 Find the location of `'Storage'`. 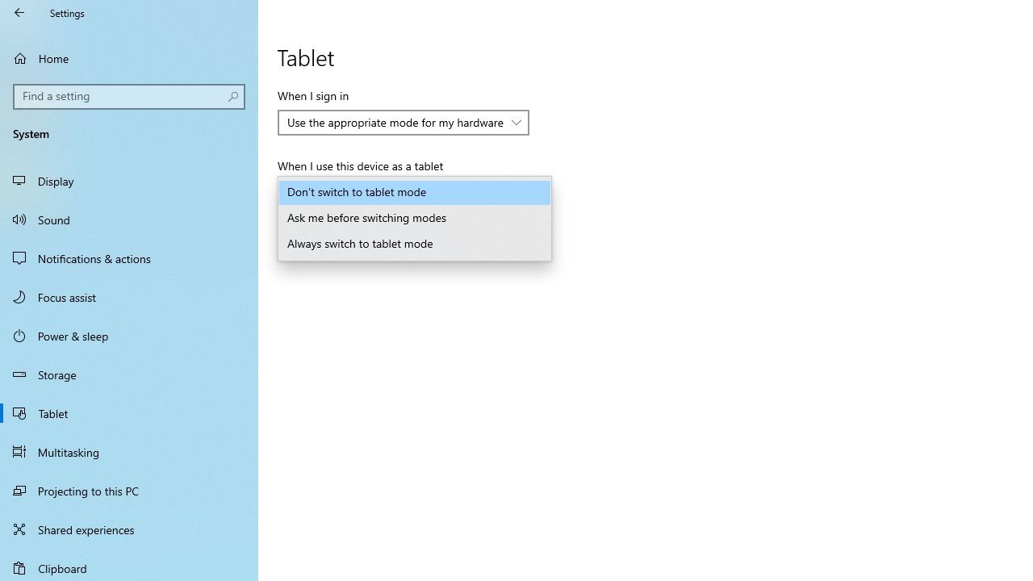

'Storage' is located at coordinates (129, 374).